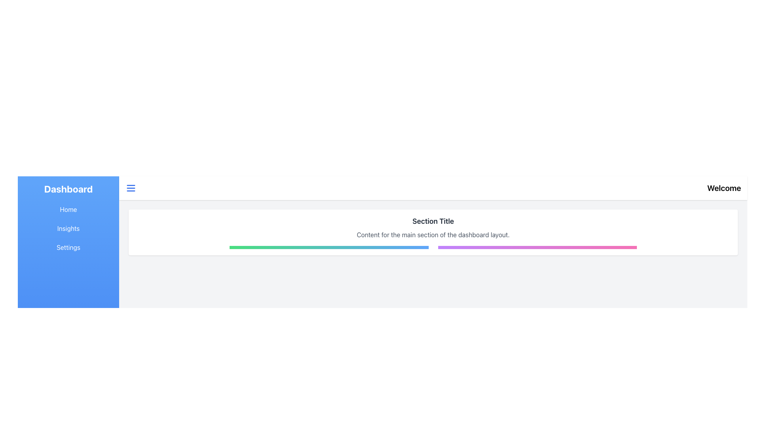 This screenshot has height=427, width=760. I want to click on the bold, large-sized 'Dashboard' text label styled in white against a blue gradient background located at the top of the vertical sidebar on the left side of the interface, so click(68, 189).